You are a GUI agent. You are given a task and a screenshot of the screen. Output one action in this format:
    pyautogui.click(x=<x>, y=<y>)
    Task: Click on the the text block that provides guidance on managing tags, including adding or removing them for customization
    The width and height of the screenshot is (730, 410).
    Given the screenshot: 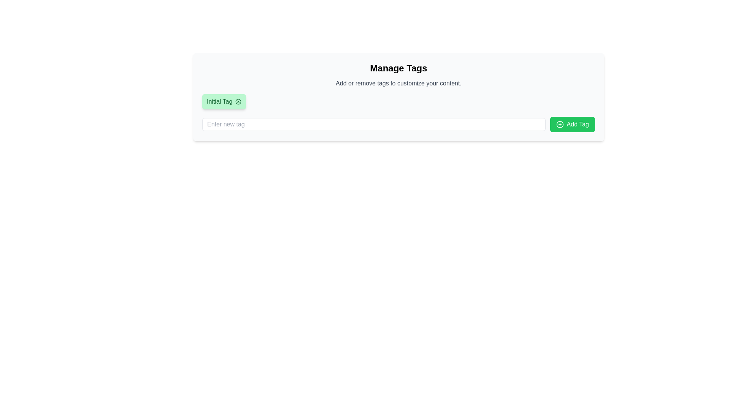 What is the action you would take?
    pyautogui.click(x=398, y=75)
    